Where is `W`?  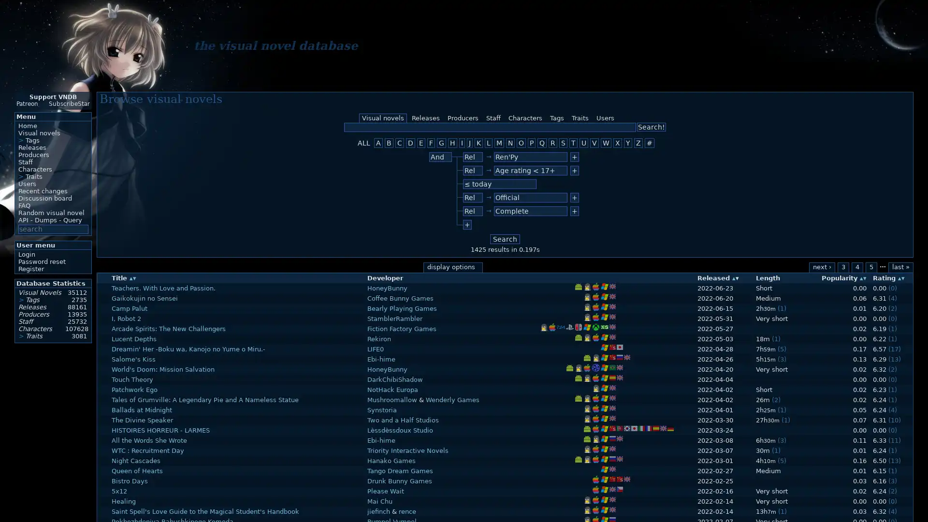 W is located at coordinates (605, 143).